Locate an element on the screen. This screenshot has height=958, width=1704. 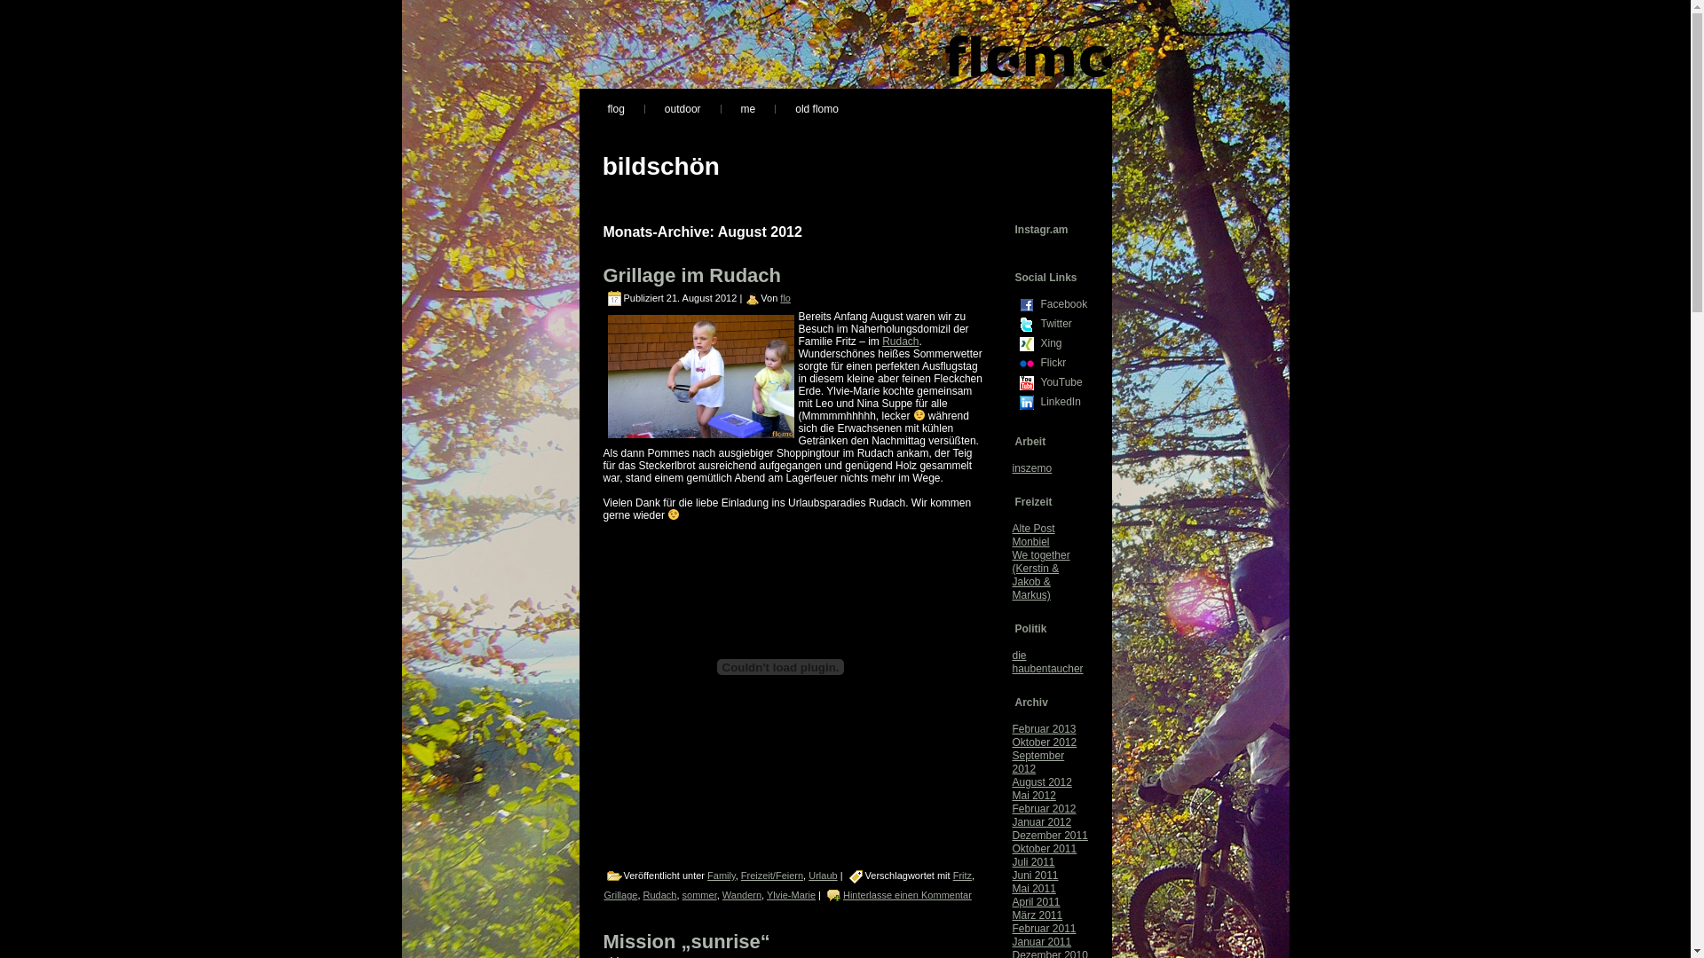
'LinkedIn' is located at coordinates (1026, 403).